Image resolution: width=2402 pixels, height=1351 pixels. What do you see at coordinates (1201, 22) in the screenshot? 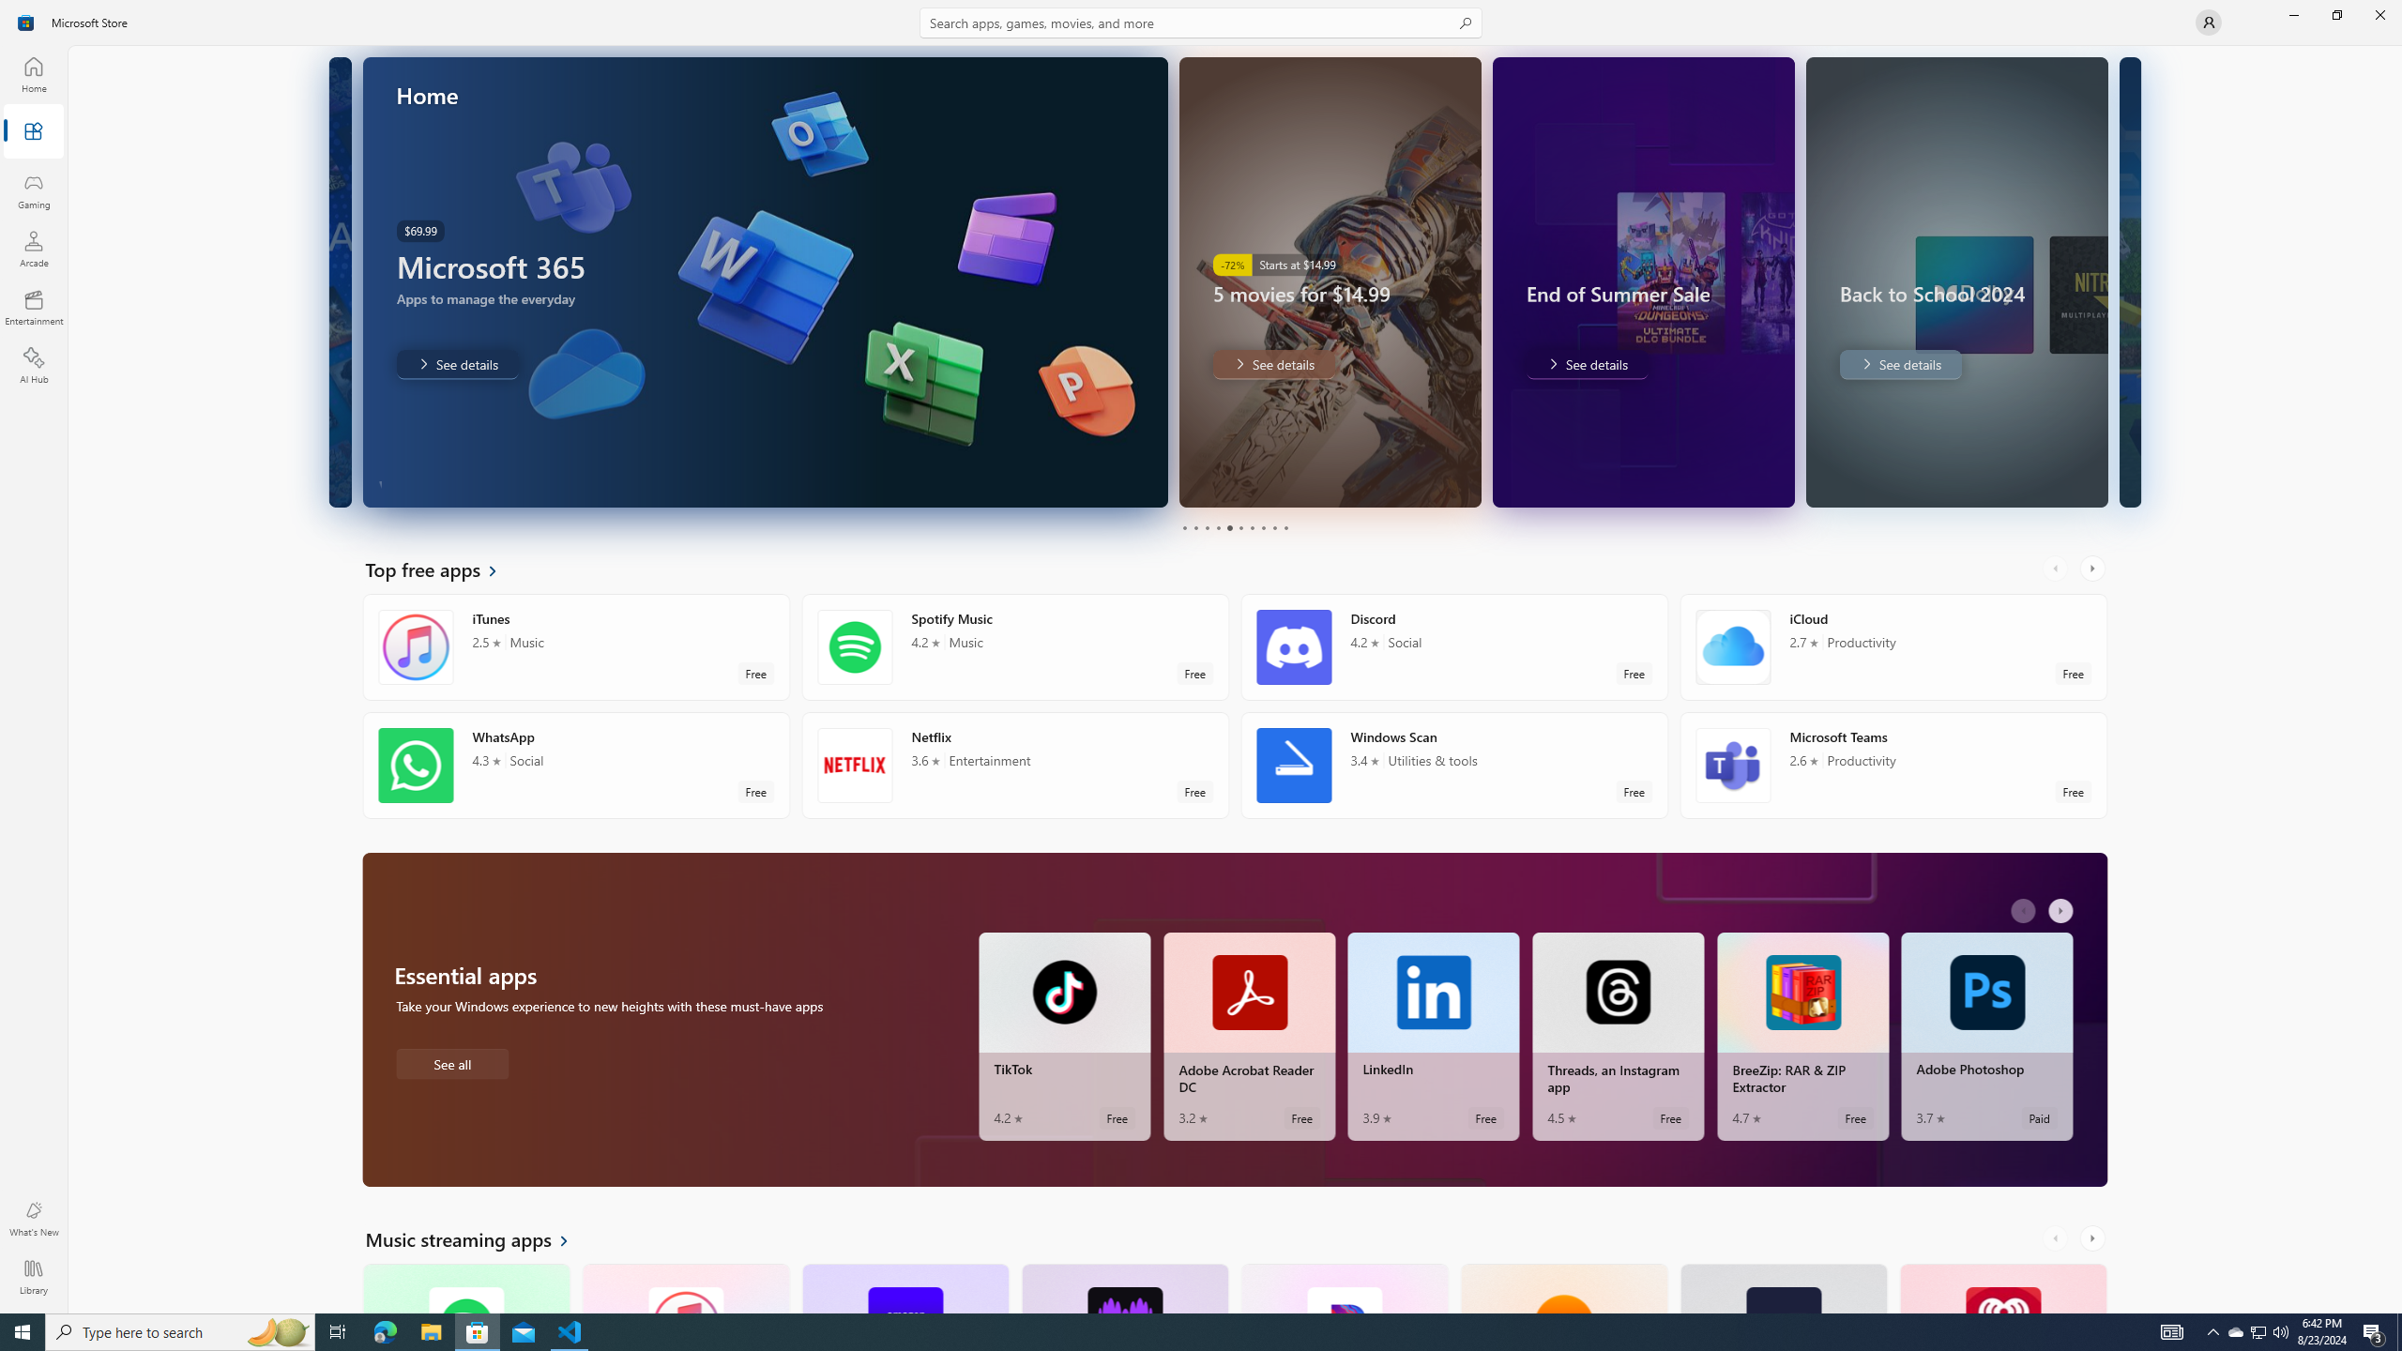
I see `'Search'` at bounding box center [1201, 22].